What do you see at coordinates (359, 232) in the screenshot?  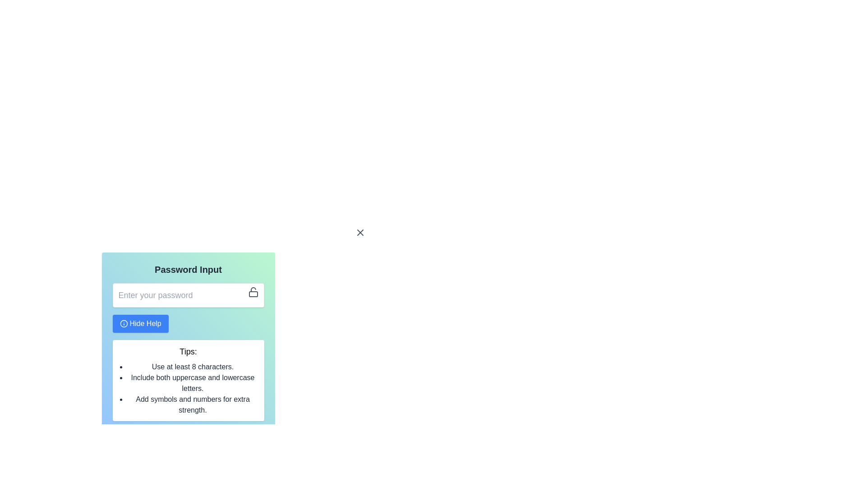 I see `the diagonal line segment of the 'X' shape icon, which is styled in a neutral color and is part of a larger graphic icon, located to the right of the password input field` at bounding box center [359, 232].